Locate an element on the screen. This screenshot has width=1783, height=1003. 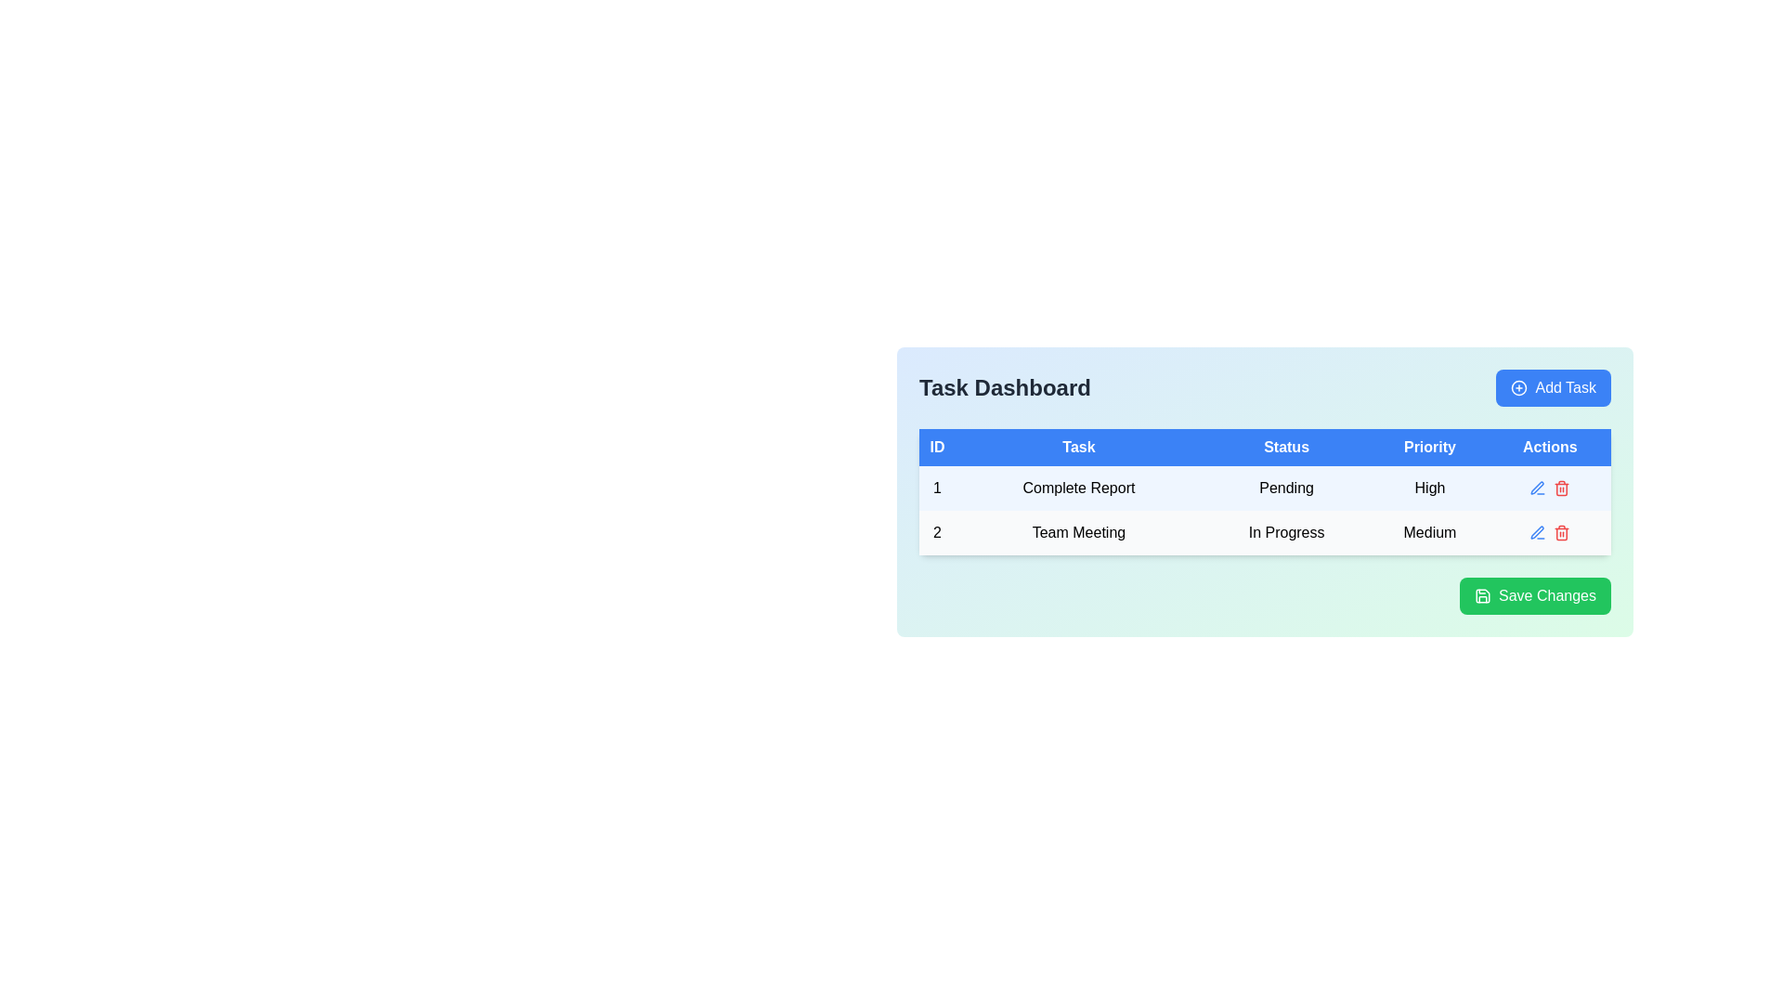
the text label displaying the status of the task labeled 'Complete Report' in the second column of the 'Status' column, which indicates that the task is currently pending is located at coordinates (1264, 490).